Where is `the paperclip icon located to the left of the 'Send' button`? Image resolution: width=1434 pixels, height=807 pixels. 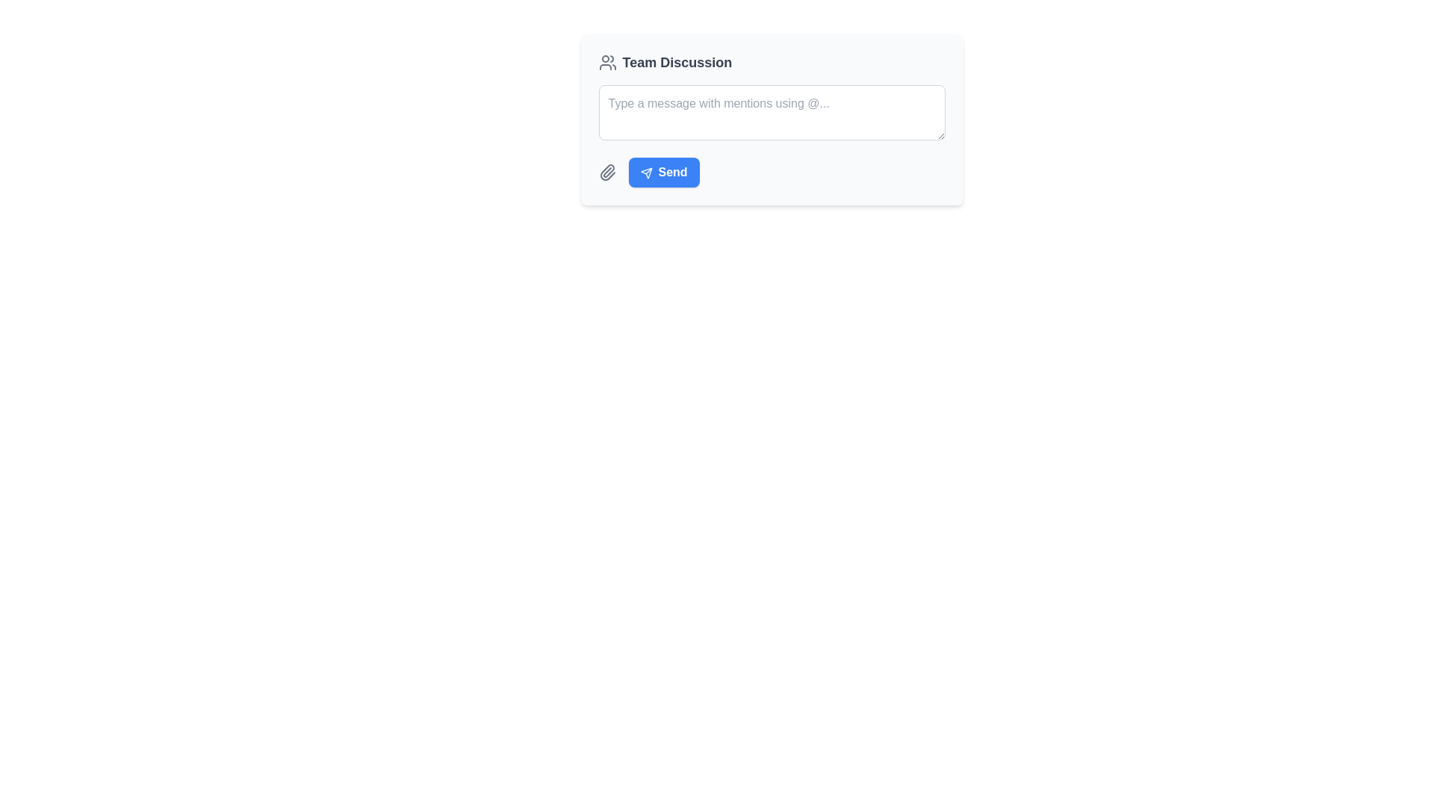
the paperclip icon located to the left of the 'Send' button is located at coordinates (607, 172).